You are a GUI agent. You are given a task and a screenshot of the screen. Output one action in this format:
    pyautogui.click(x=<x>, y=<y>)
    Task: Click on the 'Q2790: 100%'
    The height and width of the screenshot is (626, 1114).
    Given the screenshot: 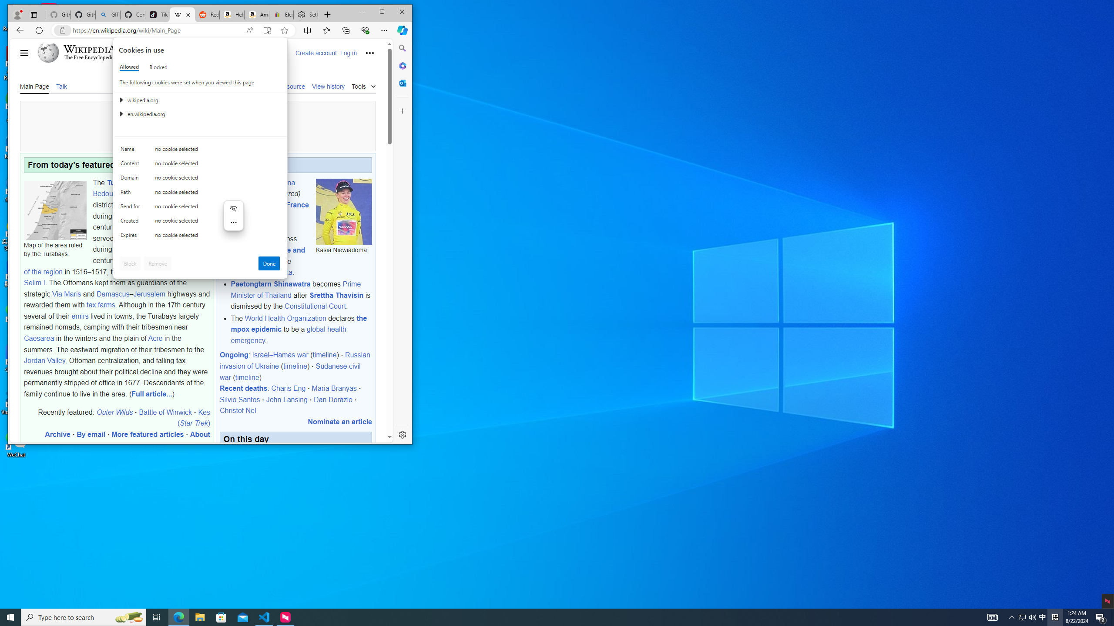 What is the action you would take?
    pyautogui.click(x=1032, y=616)
    